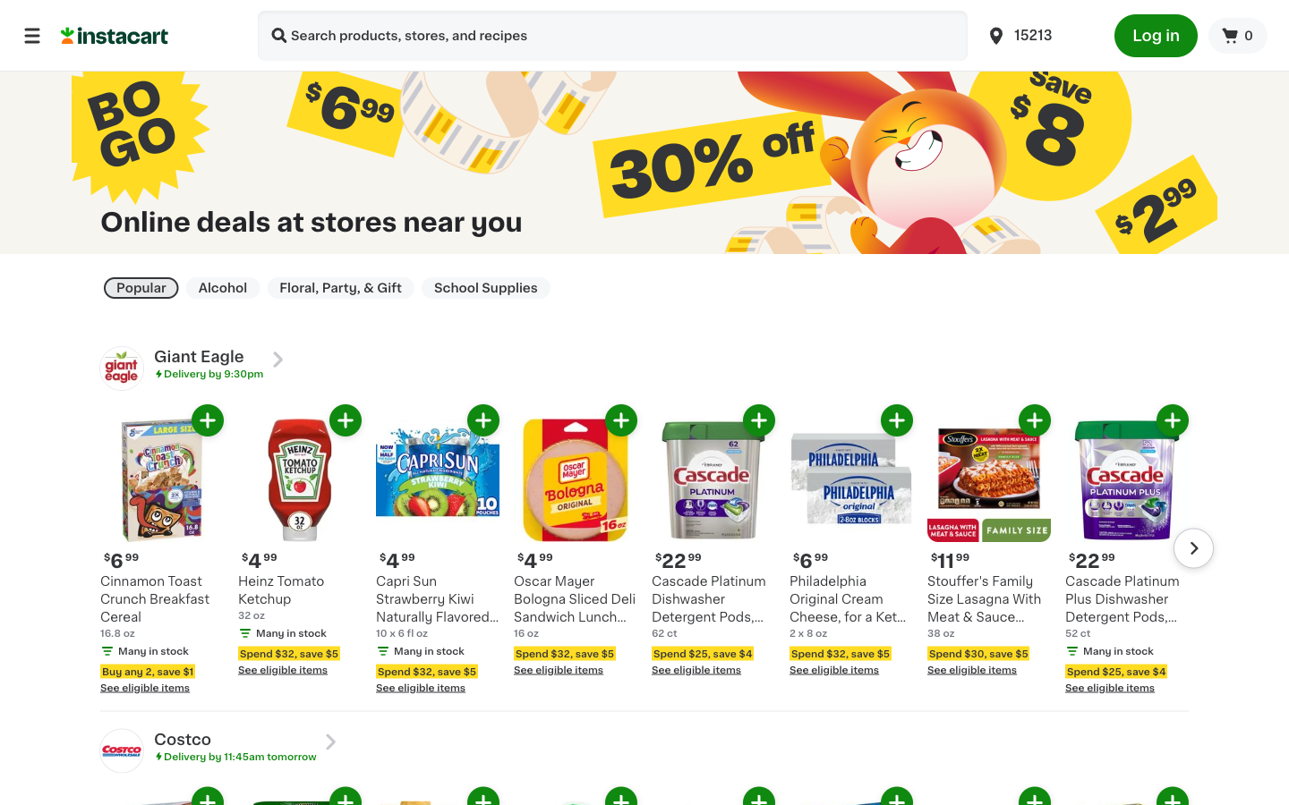 The width and height of the screenshot is (1289, 805). I want to click on the primary navigation screen, so click(31, 34).